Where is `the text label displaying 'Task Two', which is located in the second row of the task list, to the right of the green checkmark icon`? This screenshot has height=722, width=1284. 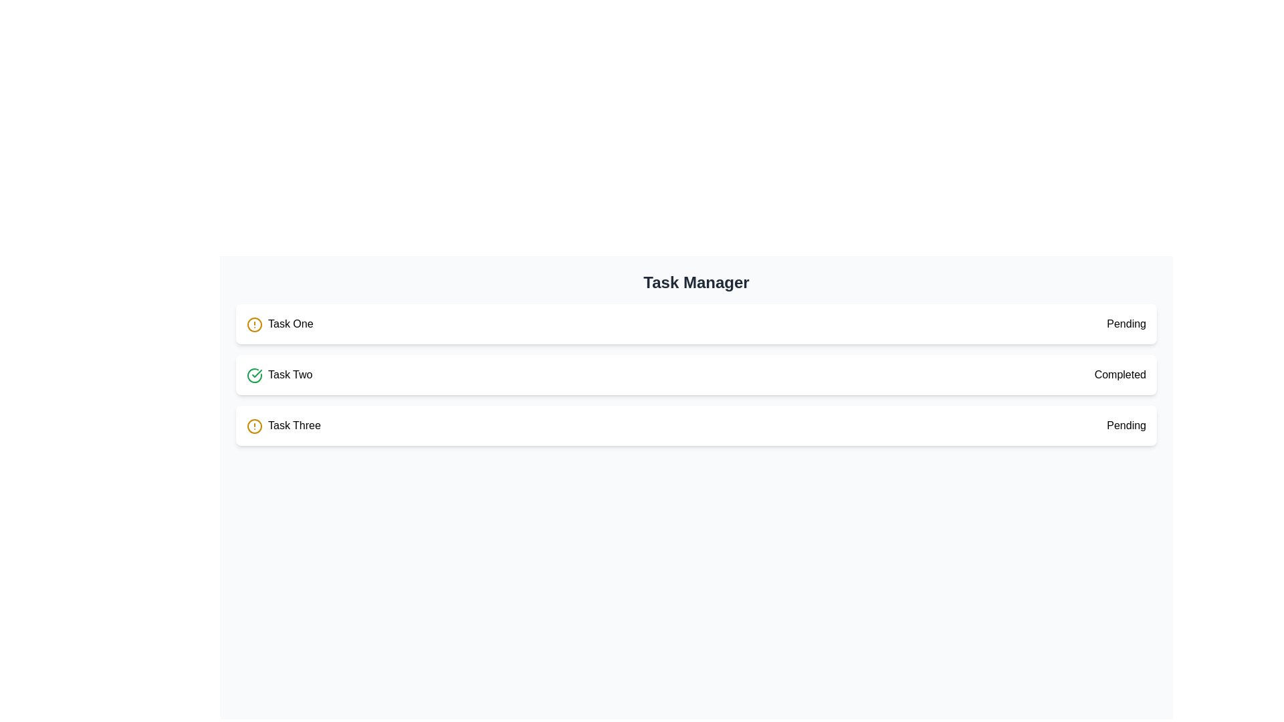
the text label displaying 'Task Two', which is located in the second row of the task list, to the right of the green checkmark icon is located at coordinates (290, 374).